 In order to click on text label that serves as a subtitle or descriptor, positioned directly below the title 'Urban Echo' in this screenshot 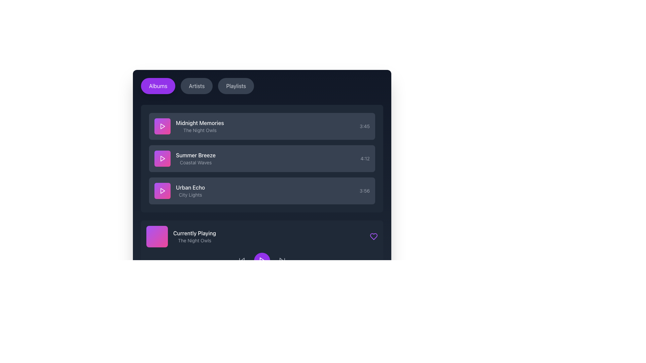, I will do `click(190, 195)`.